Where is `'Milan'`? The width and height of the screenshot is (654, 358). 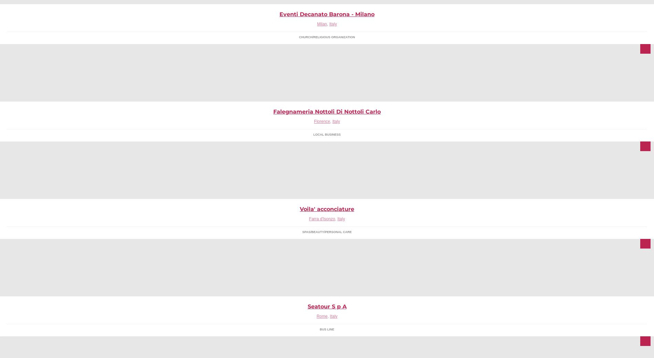 'Milan' is located at coordinates (321, 23).